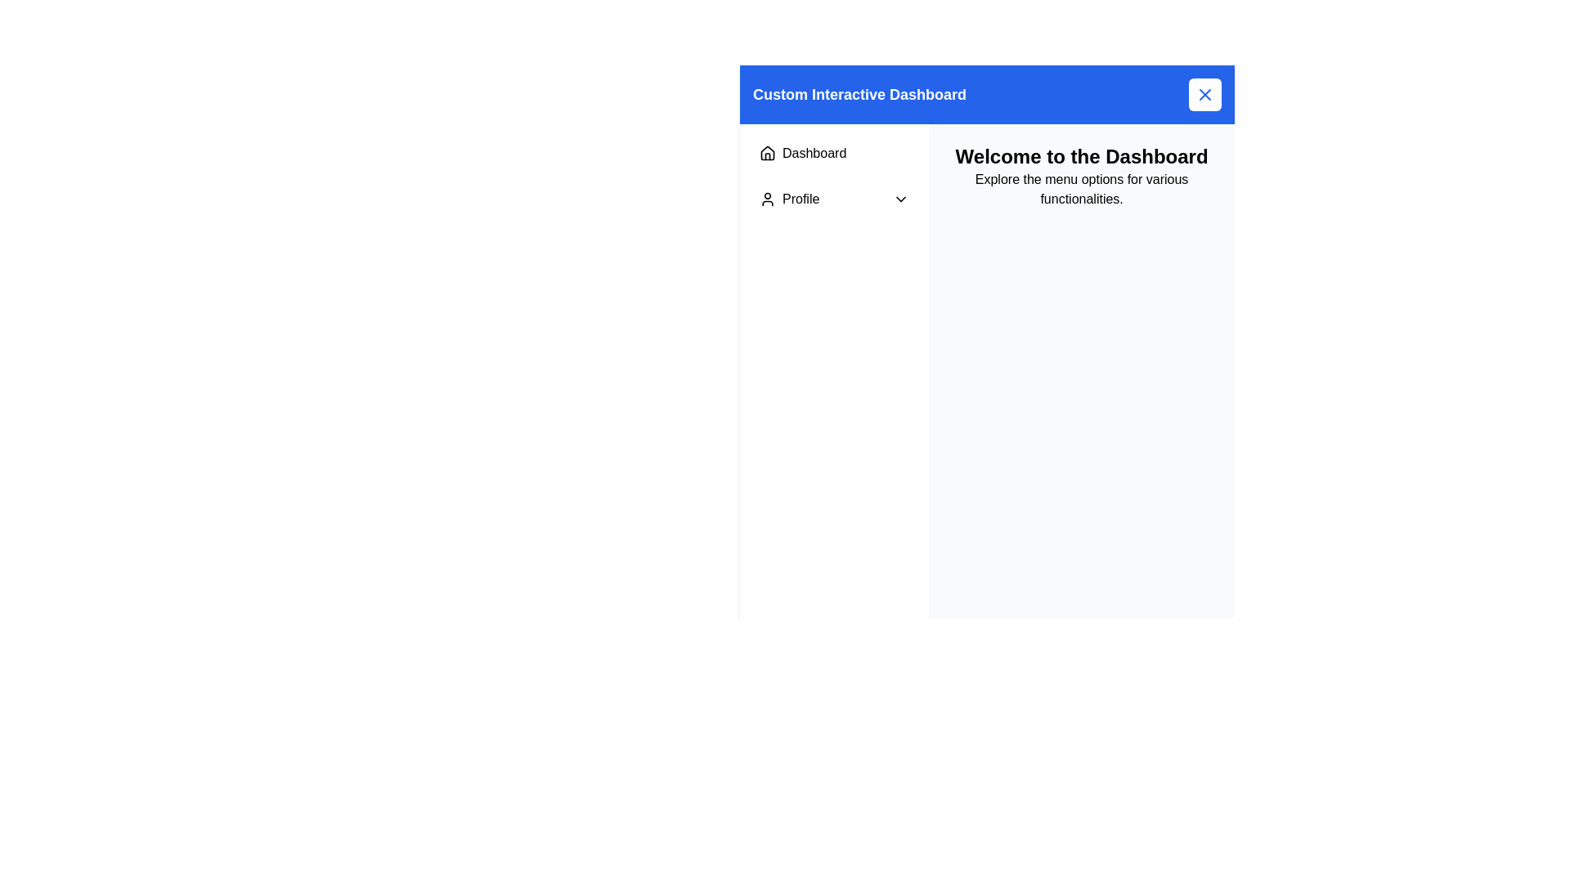 This screenshot has height=883, width=1570. I want to click on the line segment within the 'X' close icon located in the top-right corner of the interface, so click(1204, 94).